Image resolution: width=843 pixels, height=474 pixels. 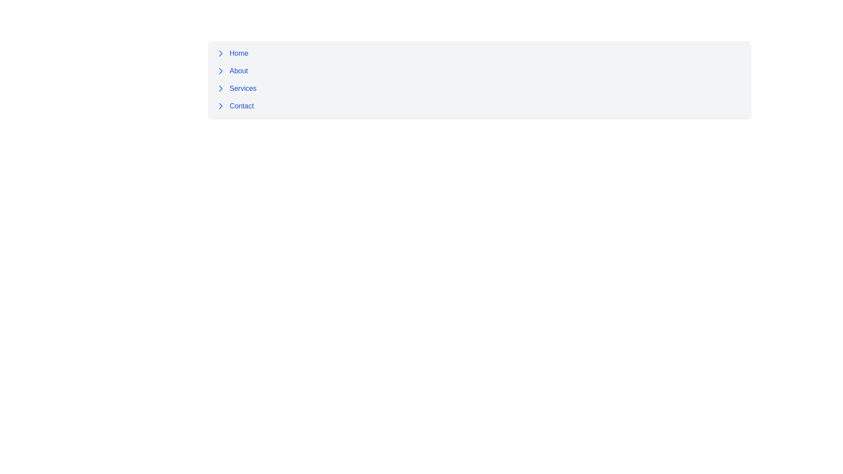 What do you see at coordinates (241, 106) in the screenshot?
I see `the fourth hyperlink` at bounding box center [241, 106].